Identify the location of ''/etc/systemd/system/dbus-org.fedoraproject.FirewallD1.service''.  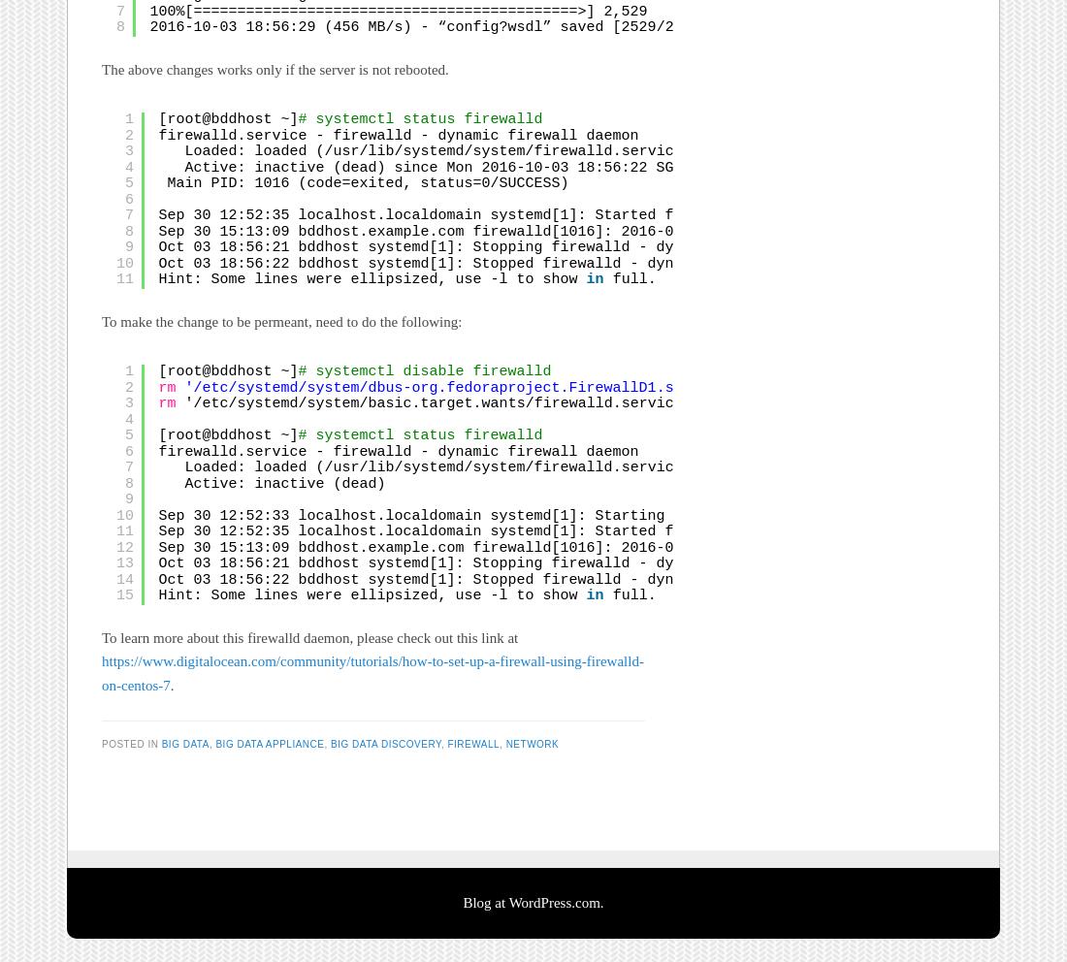
(458, 388).